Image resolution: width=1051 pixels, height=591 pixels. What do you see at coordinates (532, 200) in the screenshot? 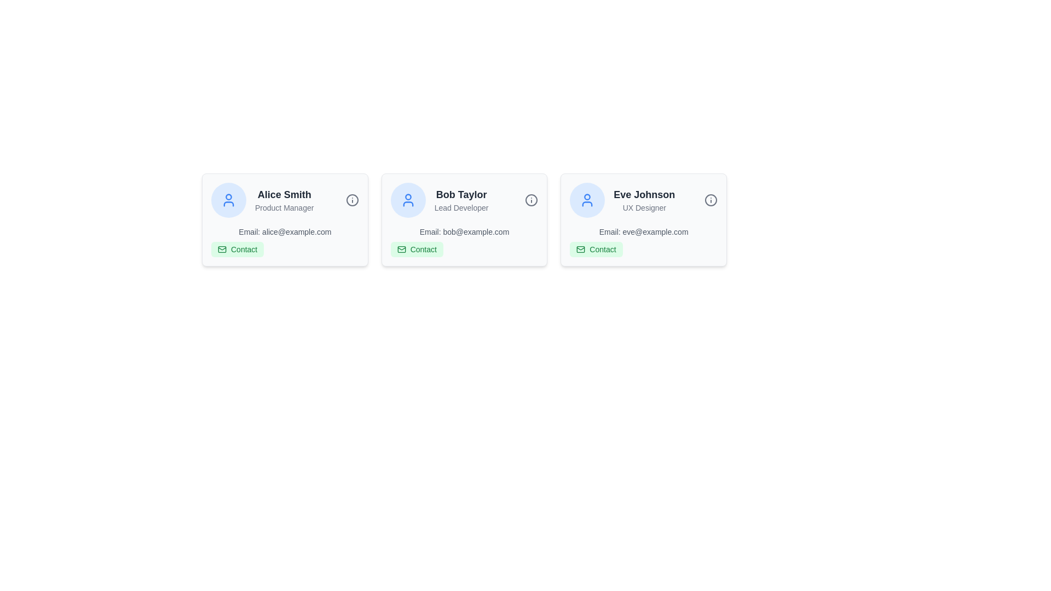
I see `the decorative SVG circle element in the top-right corner of the card for 'Bob Taylor', which is part of a graphical icon suggesting additional information or action` at bounding box center [532, 200].